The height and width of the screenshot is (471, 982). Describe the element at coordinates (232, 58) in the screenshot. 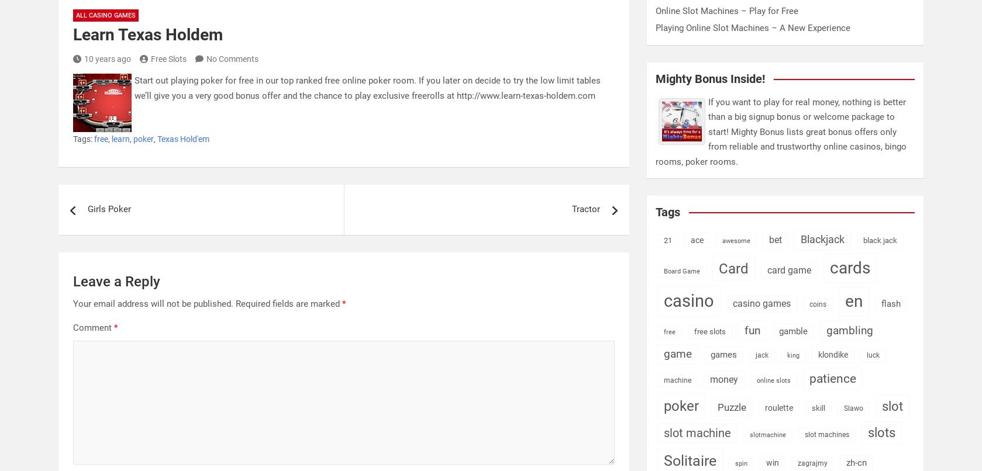

I see `'No Comments'` at that location.